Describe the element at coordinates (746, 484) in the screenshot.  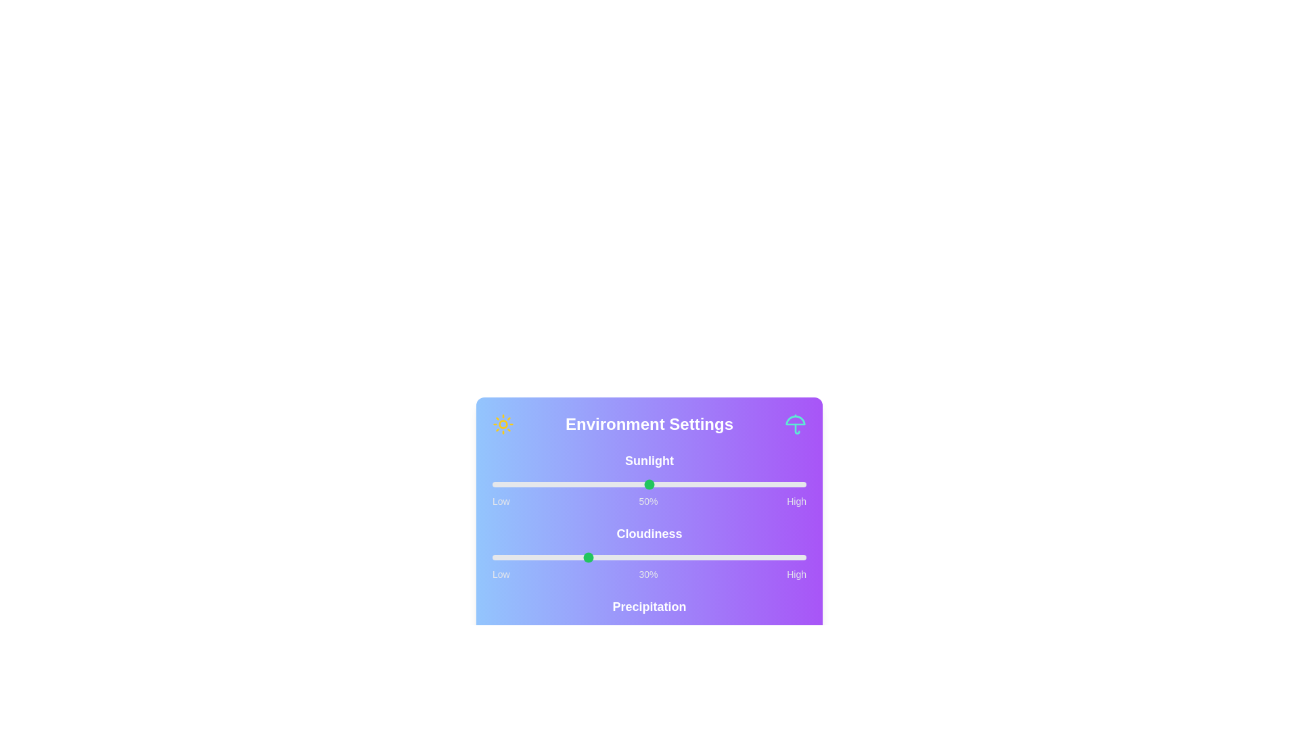
I see `the sunlight slider to 81%` at that location.